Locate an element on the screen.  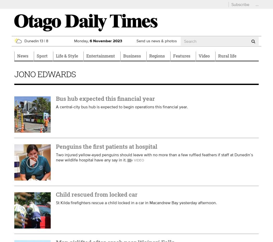
'6' is located at coordinates (89, 41).